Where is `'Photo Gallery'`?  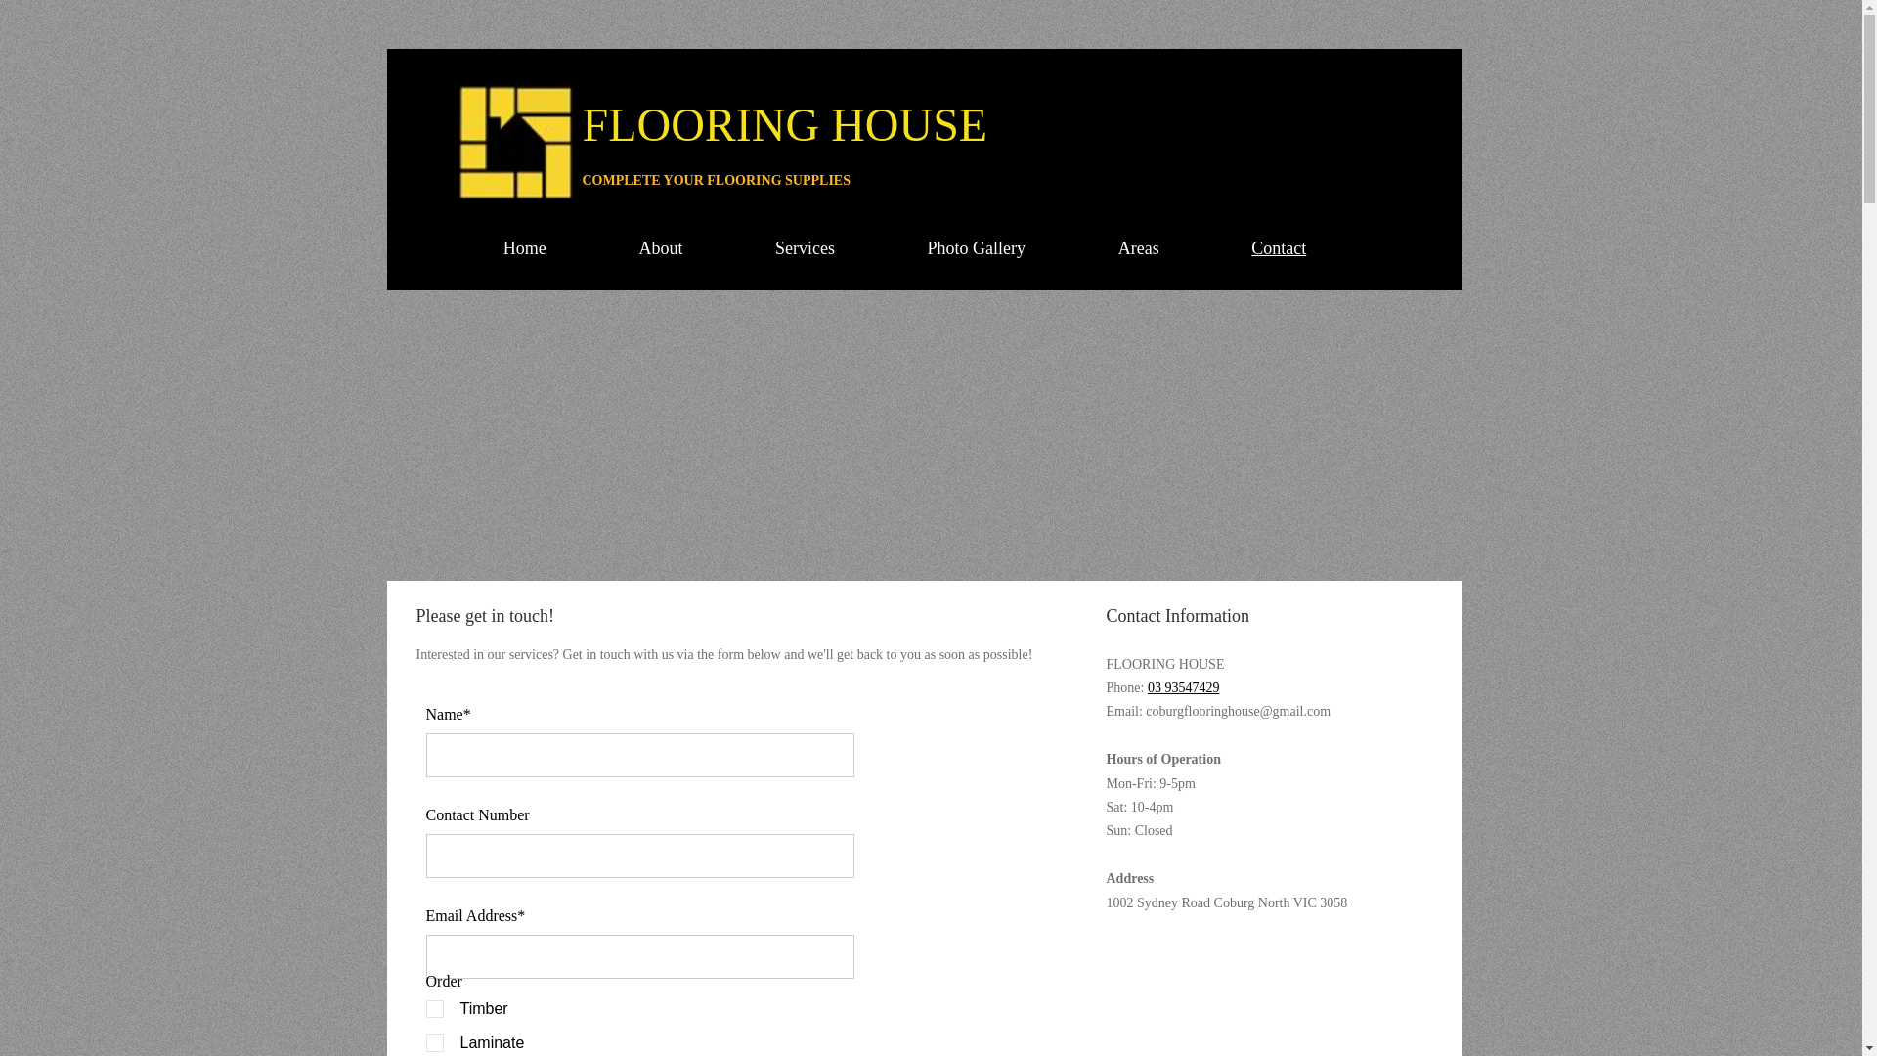 'Photo Gallery' is located at coordinates (976, 247).